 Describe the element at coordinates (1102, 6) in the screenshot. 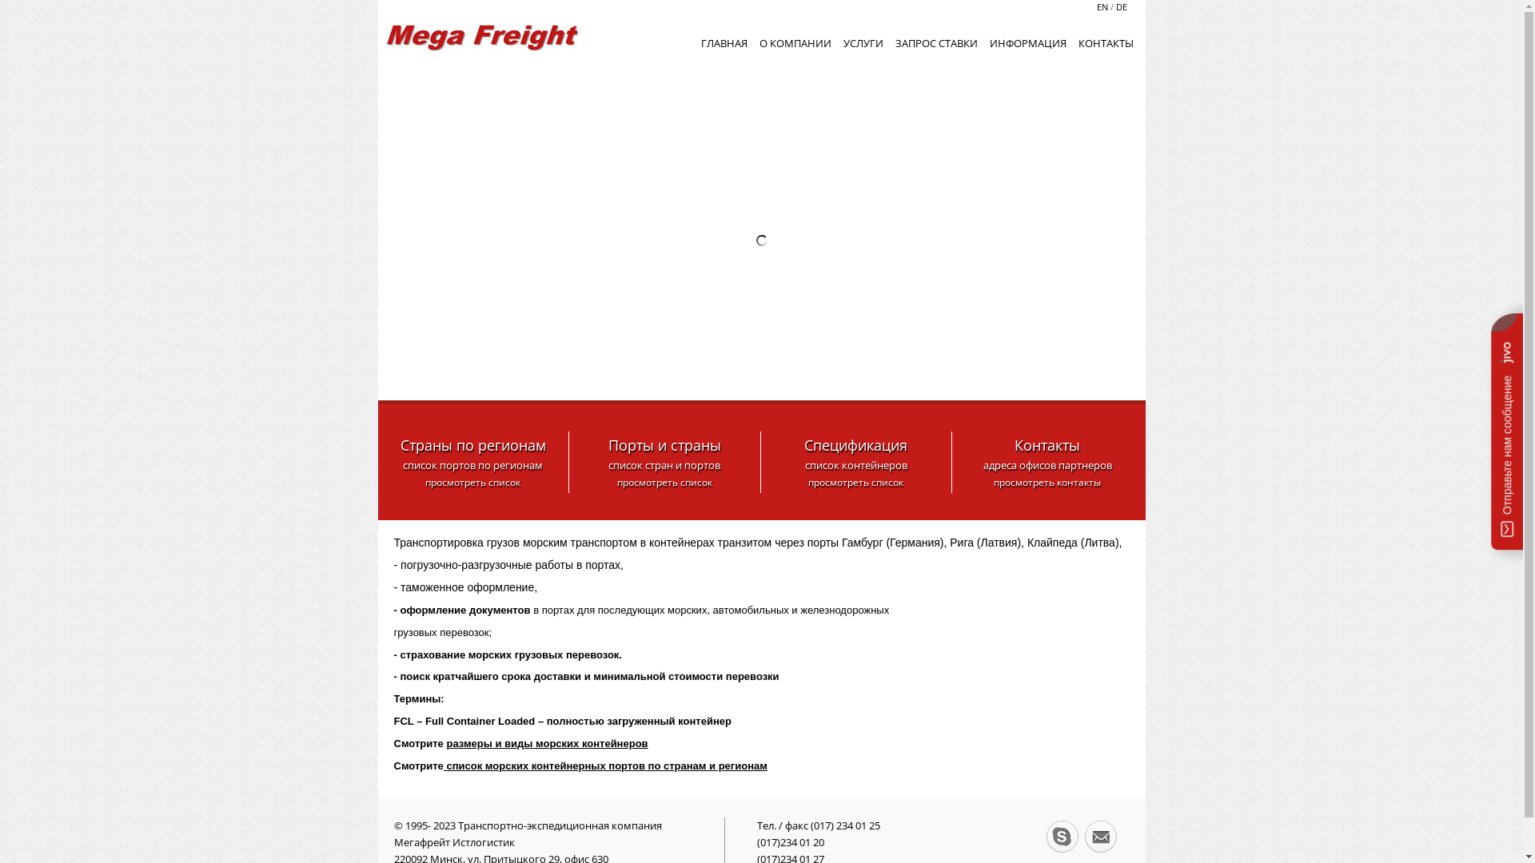

I see `'EN'` at that location.